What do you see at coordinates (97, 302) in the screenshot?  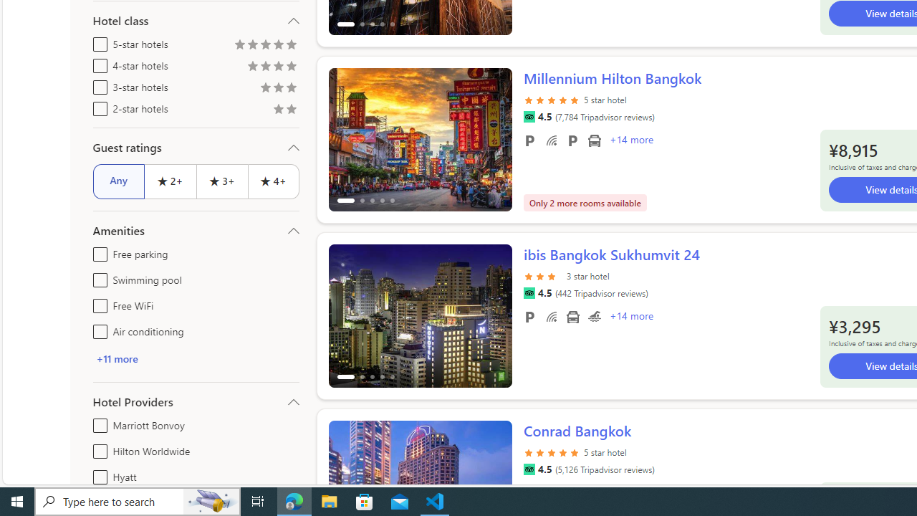 I see `'Free WiFi'` at bounding box center [97, 302].